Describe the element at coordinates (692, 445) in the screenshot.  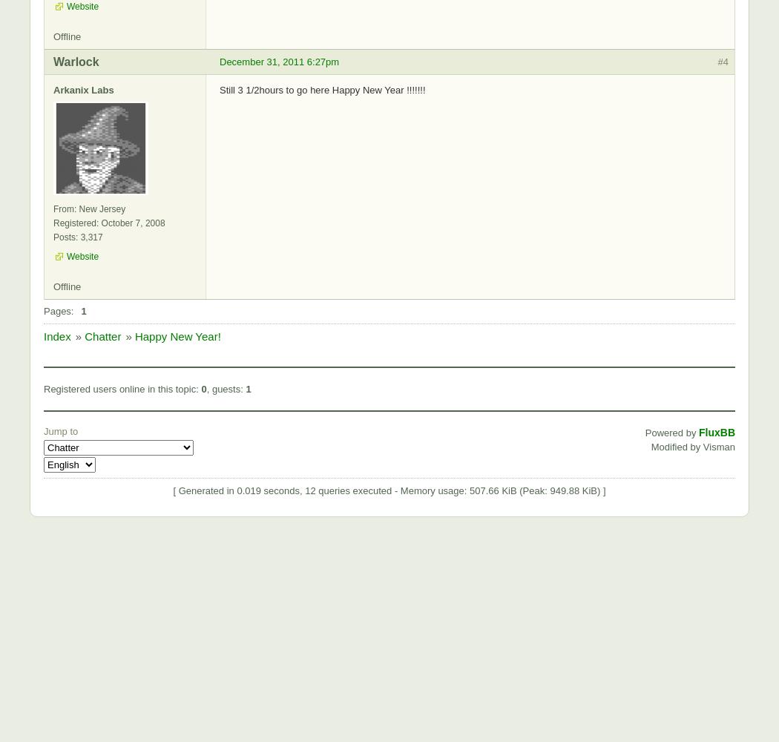
I see `'Modified by Visman'` at that location.